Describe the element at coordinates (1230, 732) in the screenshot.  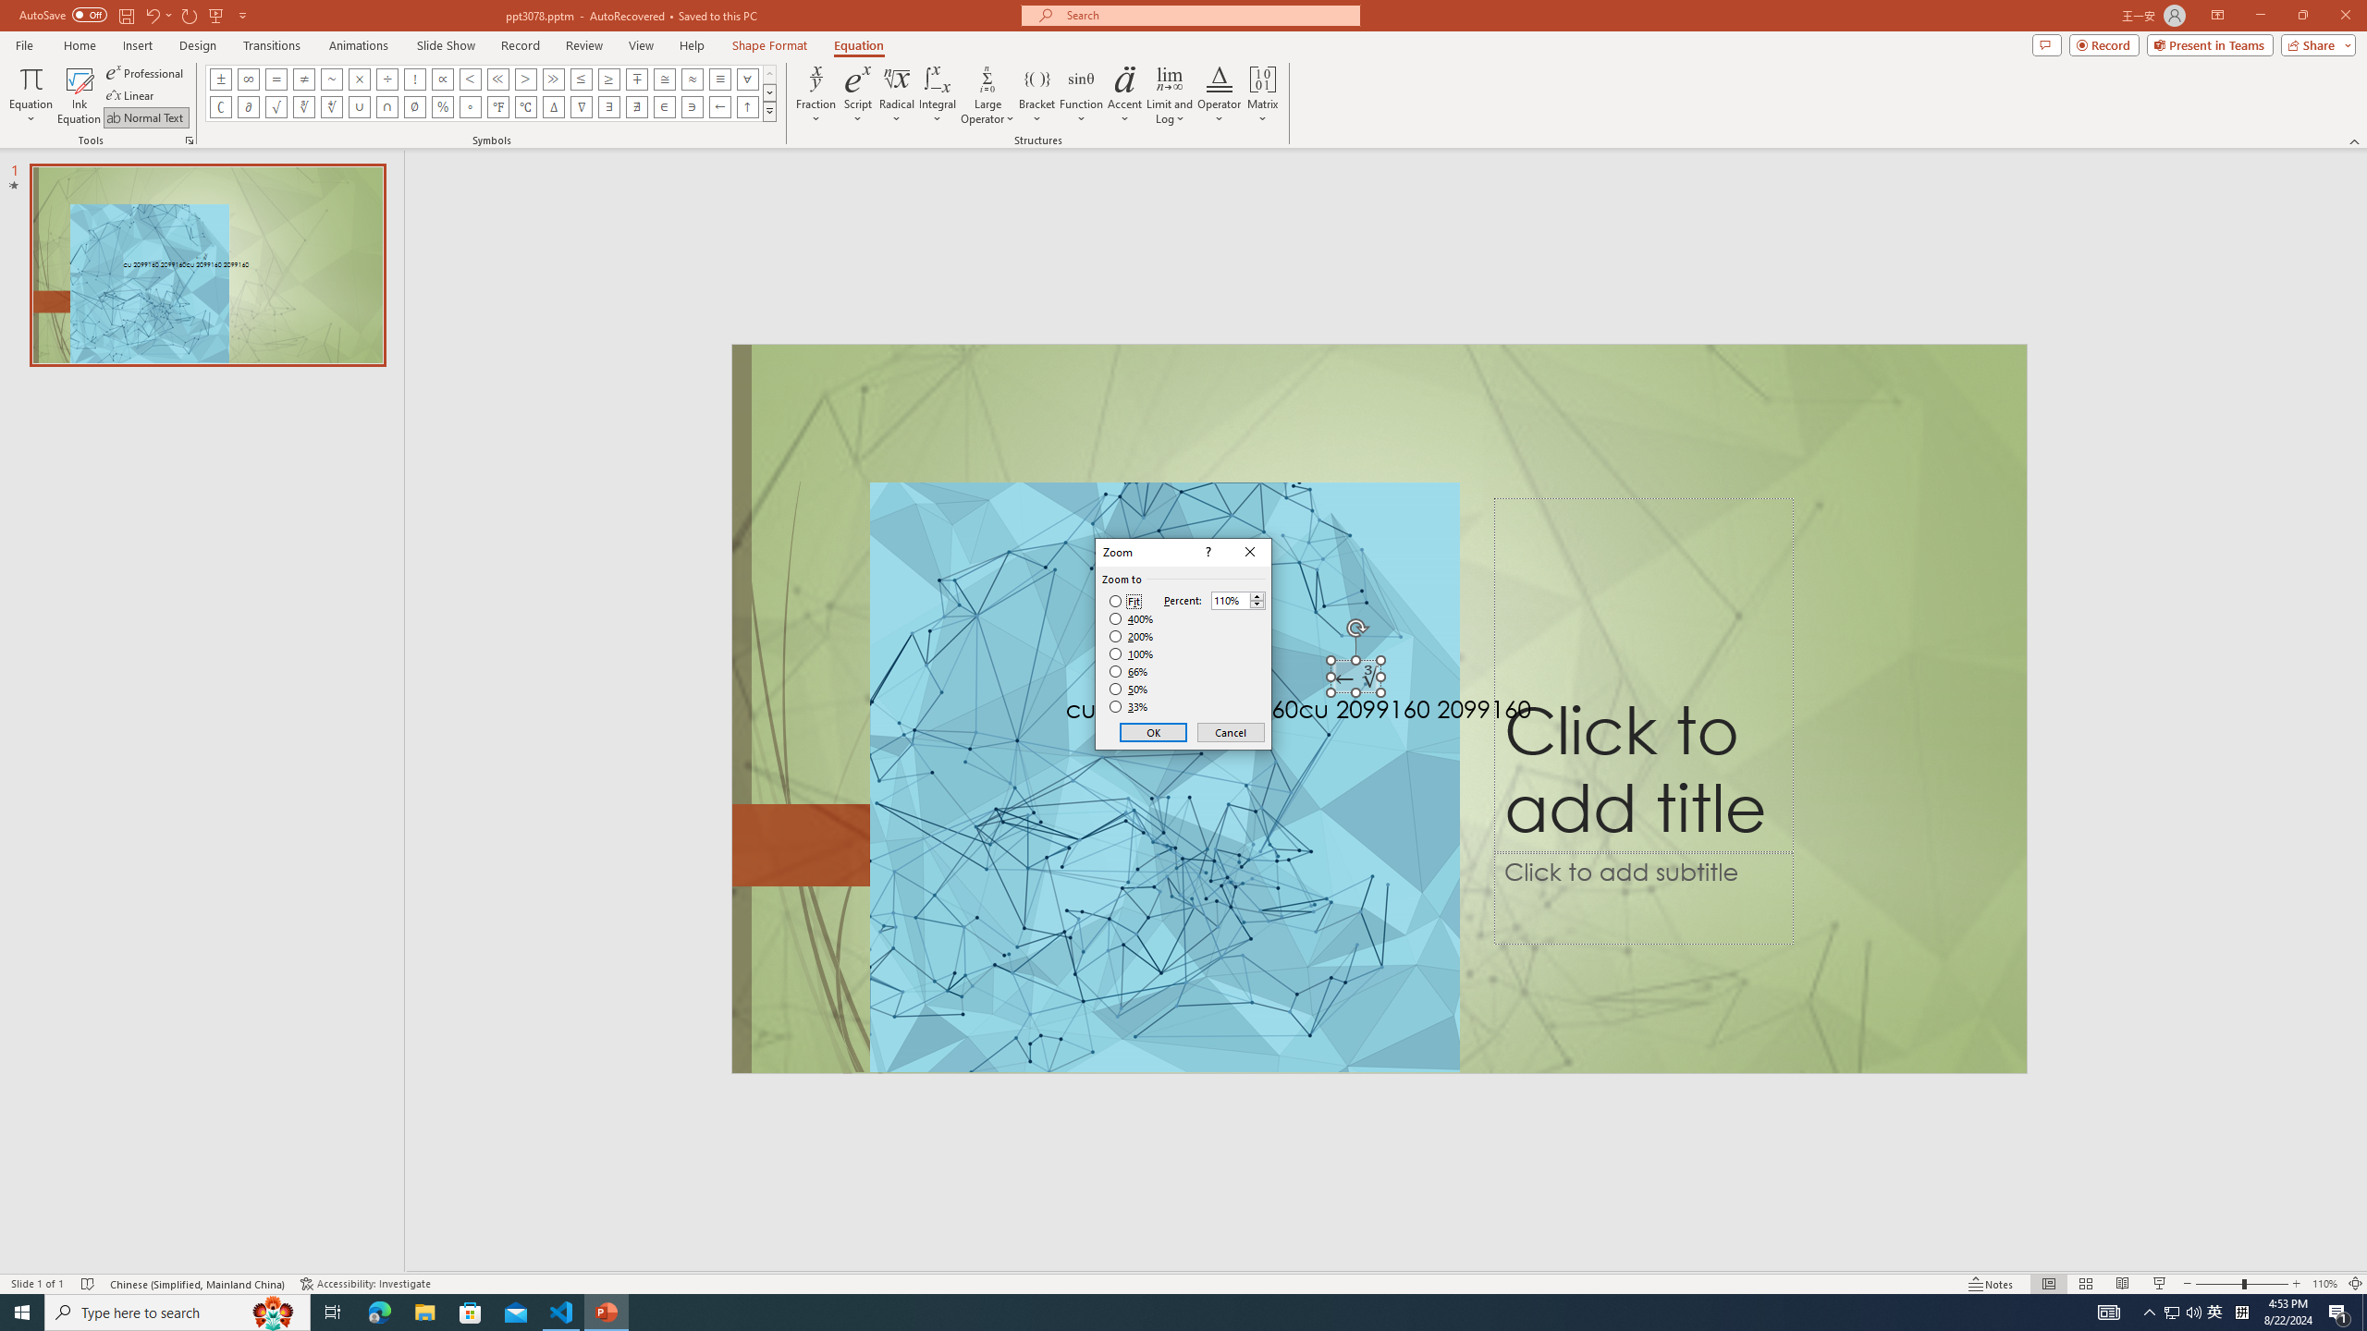
I see `'Cancel'` at that location.